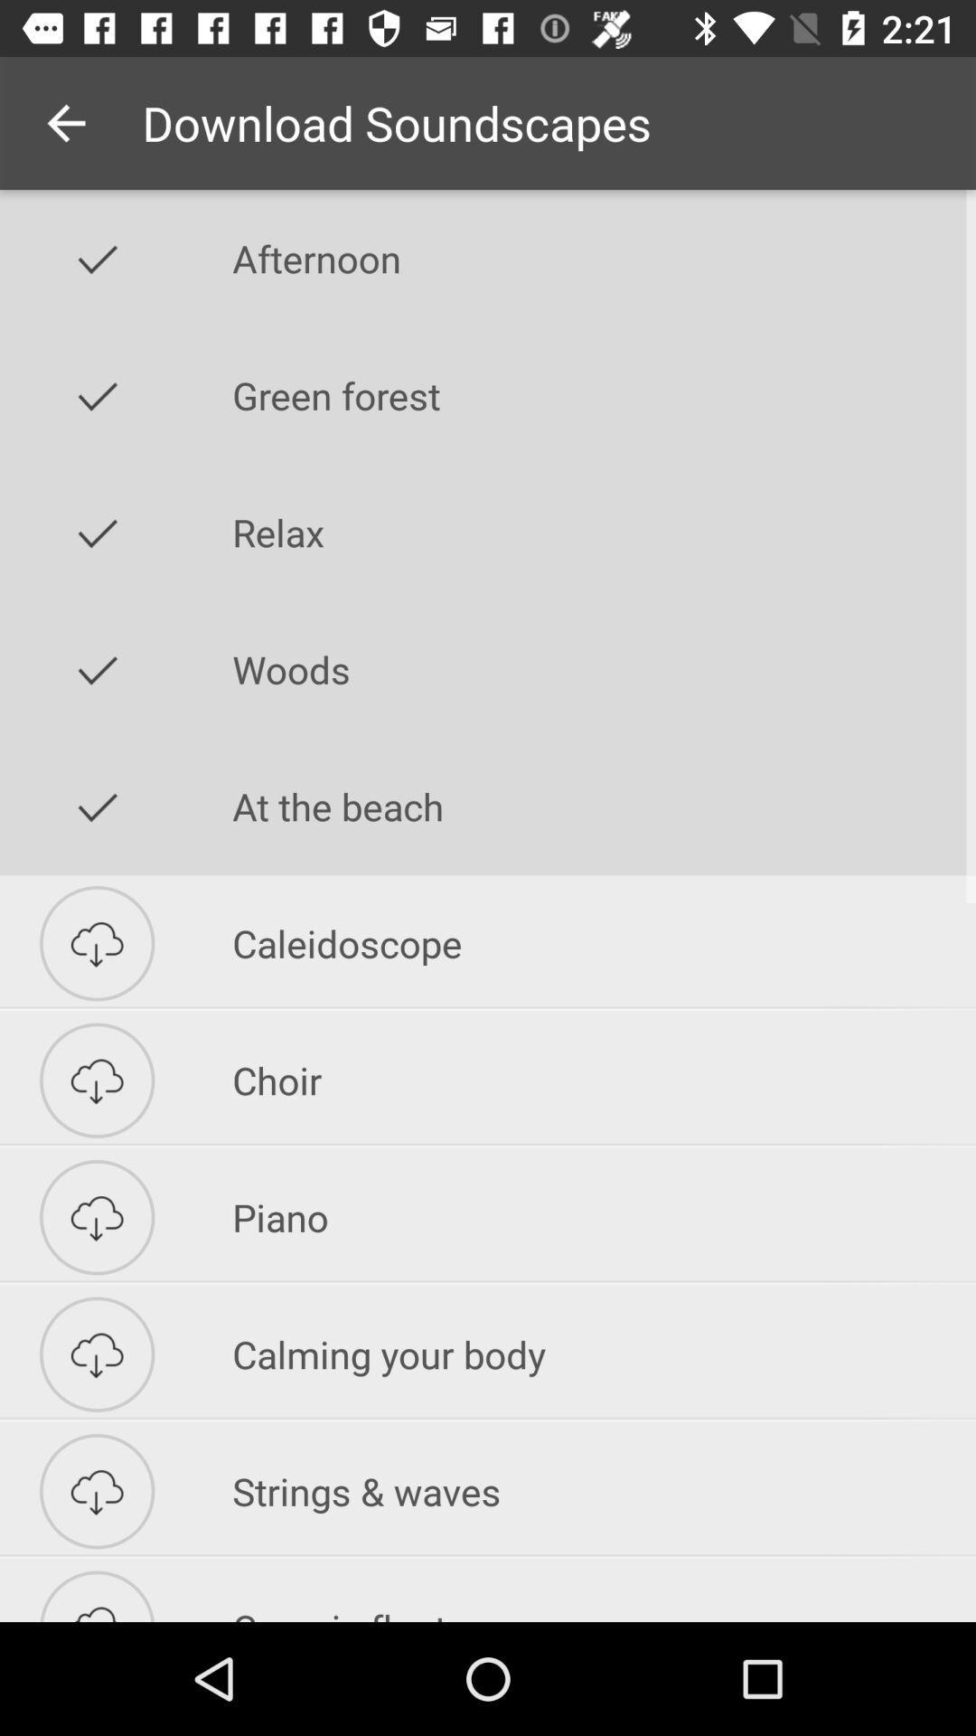  I want to click on the item above caleidoscope item, so click(604, 806).